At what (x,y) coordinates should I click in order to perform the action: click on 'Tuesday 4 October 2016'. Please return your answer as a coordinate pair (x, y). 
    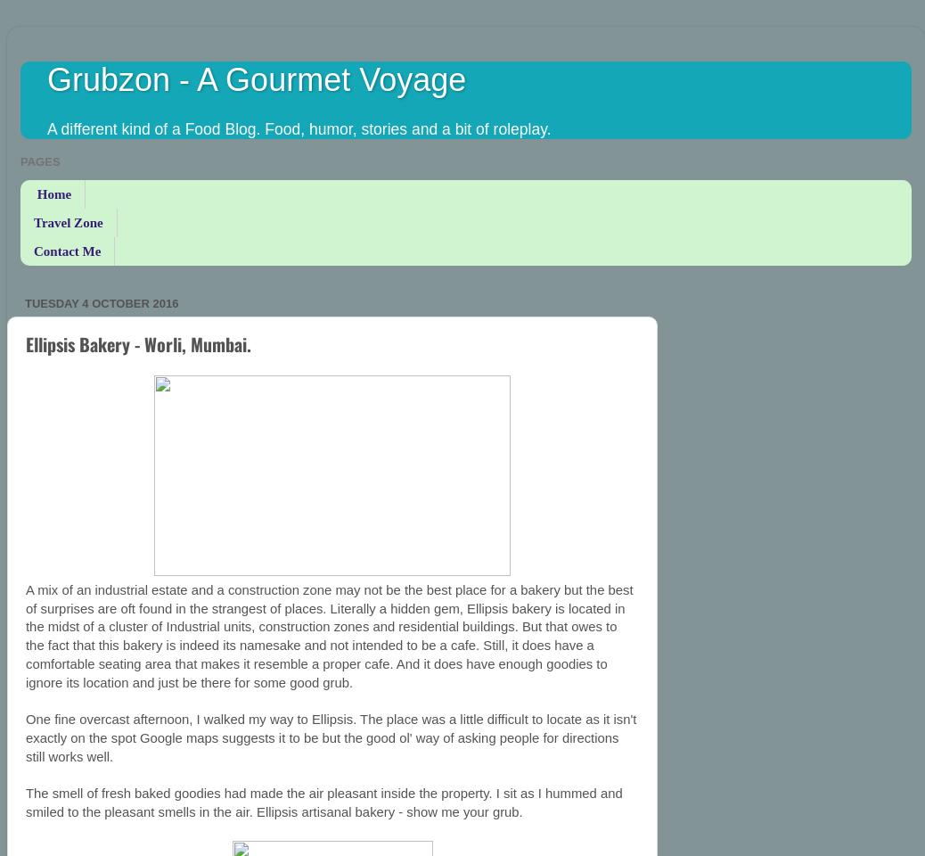
    Looking at the image, I should click on (24, 303).